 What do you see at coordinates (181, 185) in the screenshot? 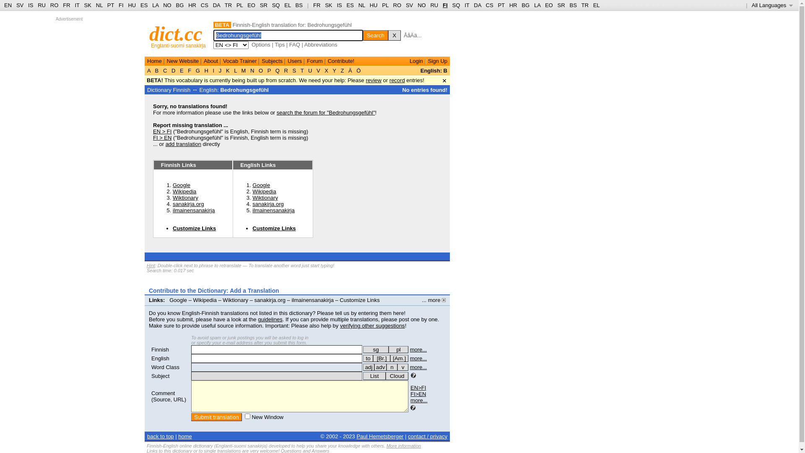
I see `'Google'` at bounding box center [181, 185].